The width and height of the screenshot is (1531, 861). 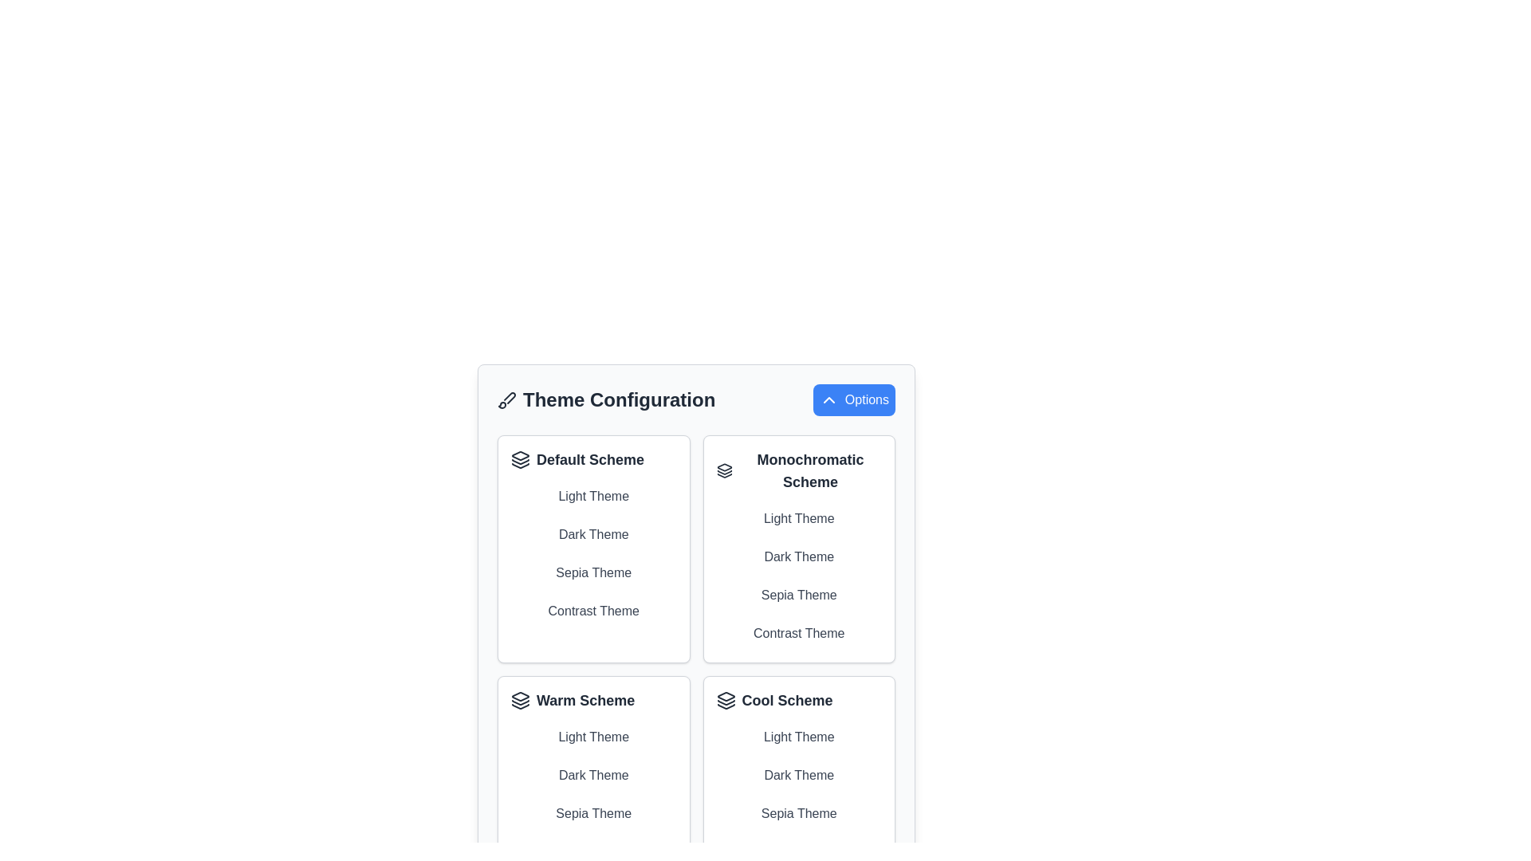 I want to click on the layers icon located to the left of the 'Cool Scheme' text, which consists of three stack-like shapes aligned horizontally, so click(x=725, y=700).